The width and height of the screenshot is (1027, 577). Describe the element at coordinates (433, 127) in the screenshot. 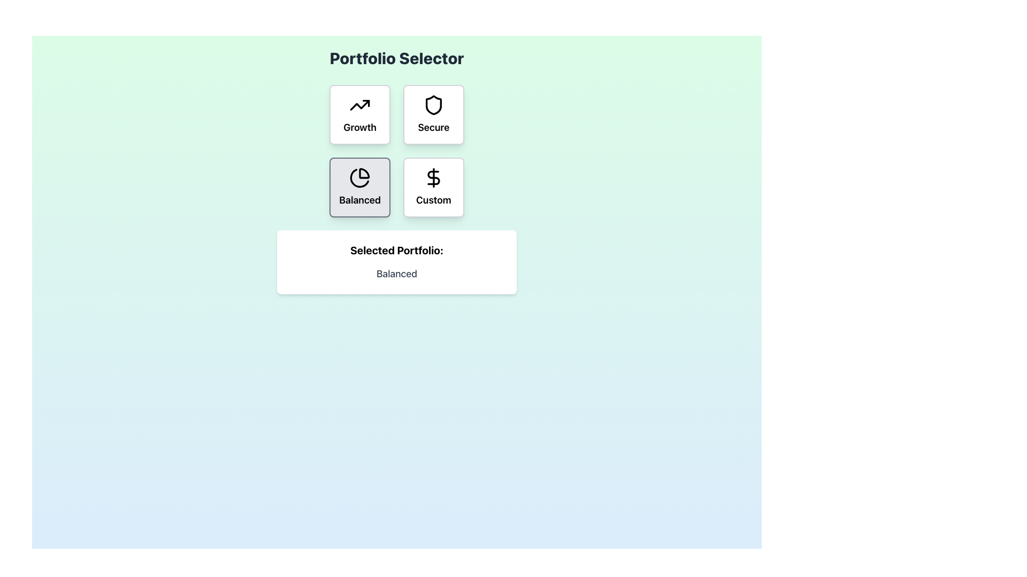

I see `the text label displaying 'Secure' styled in bold, located beneath the shield icon in the button interface` at that location.